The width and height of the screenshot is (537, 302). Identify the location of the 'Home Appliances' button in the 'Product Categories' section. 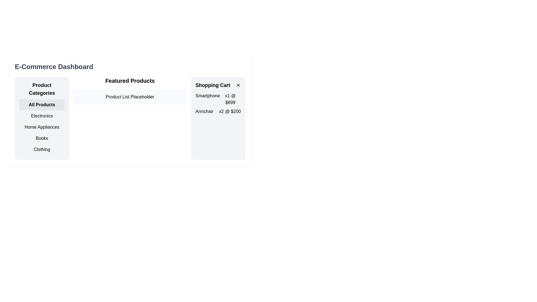
(41, 127).